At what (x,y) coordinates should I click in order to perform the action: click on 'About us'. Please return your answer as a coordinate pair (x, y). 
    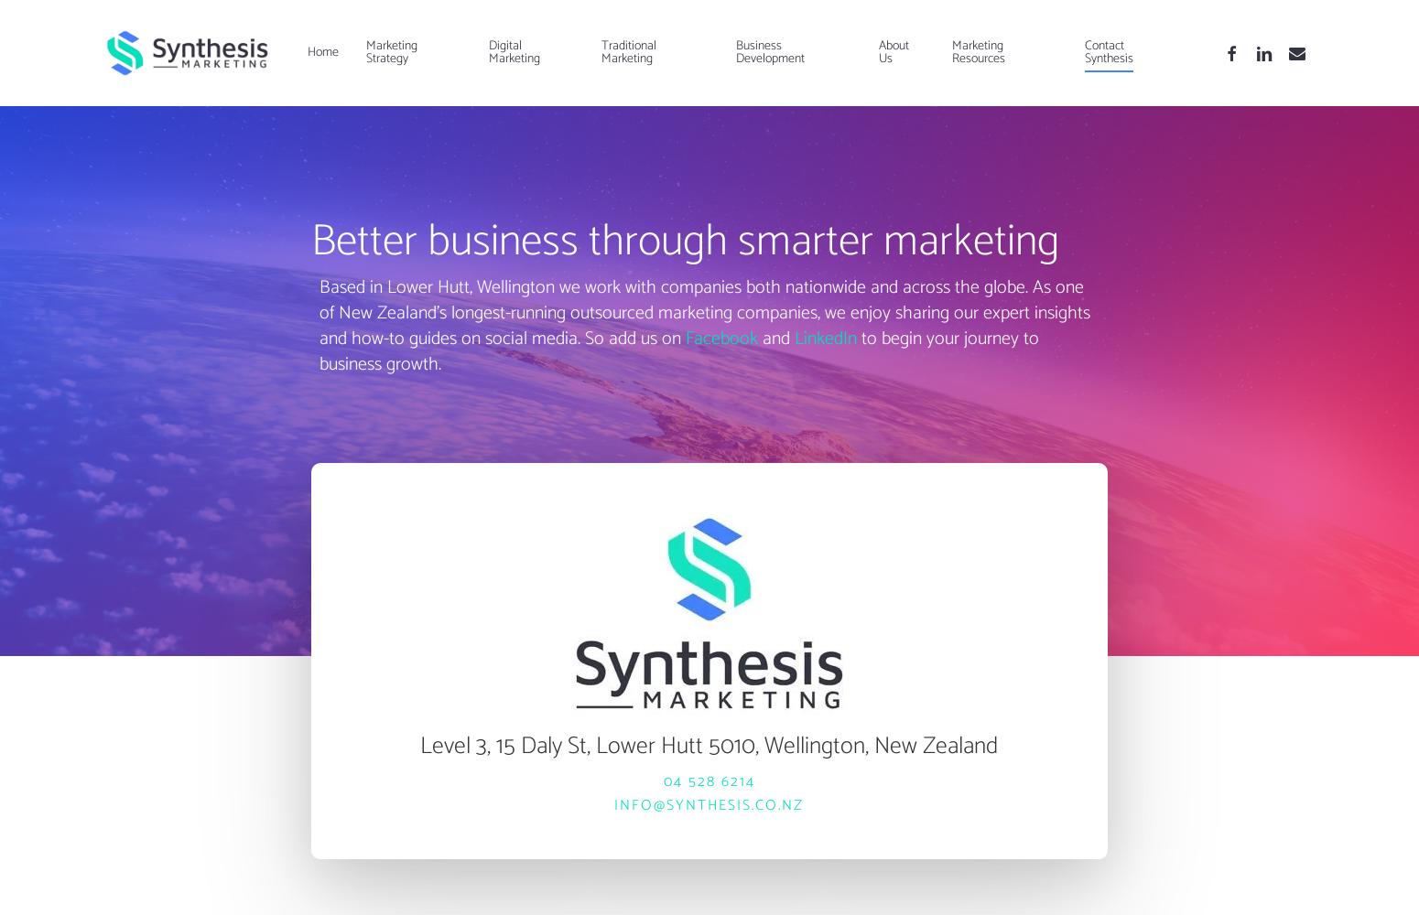
    Looking at the image, I should click on (876, 52).